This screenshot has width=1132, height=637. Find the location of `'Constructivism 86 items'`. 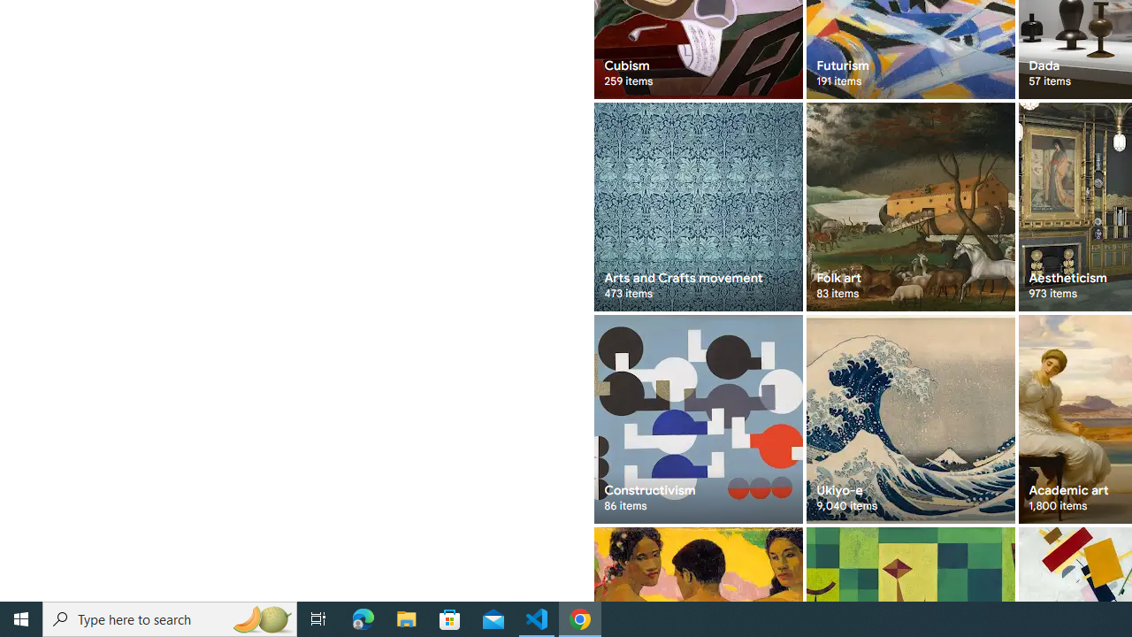

'Constructivism 86 items' is located at coordinates (697, 418).